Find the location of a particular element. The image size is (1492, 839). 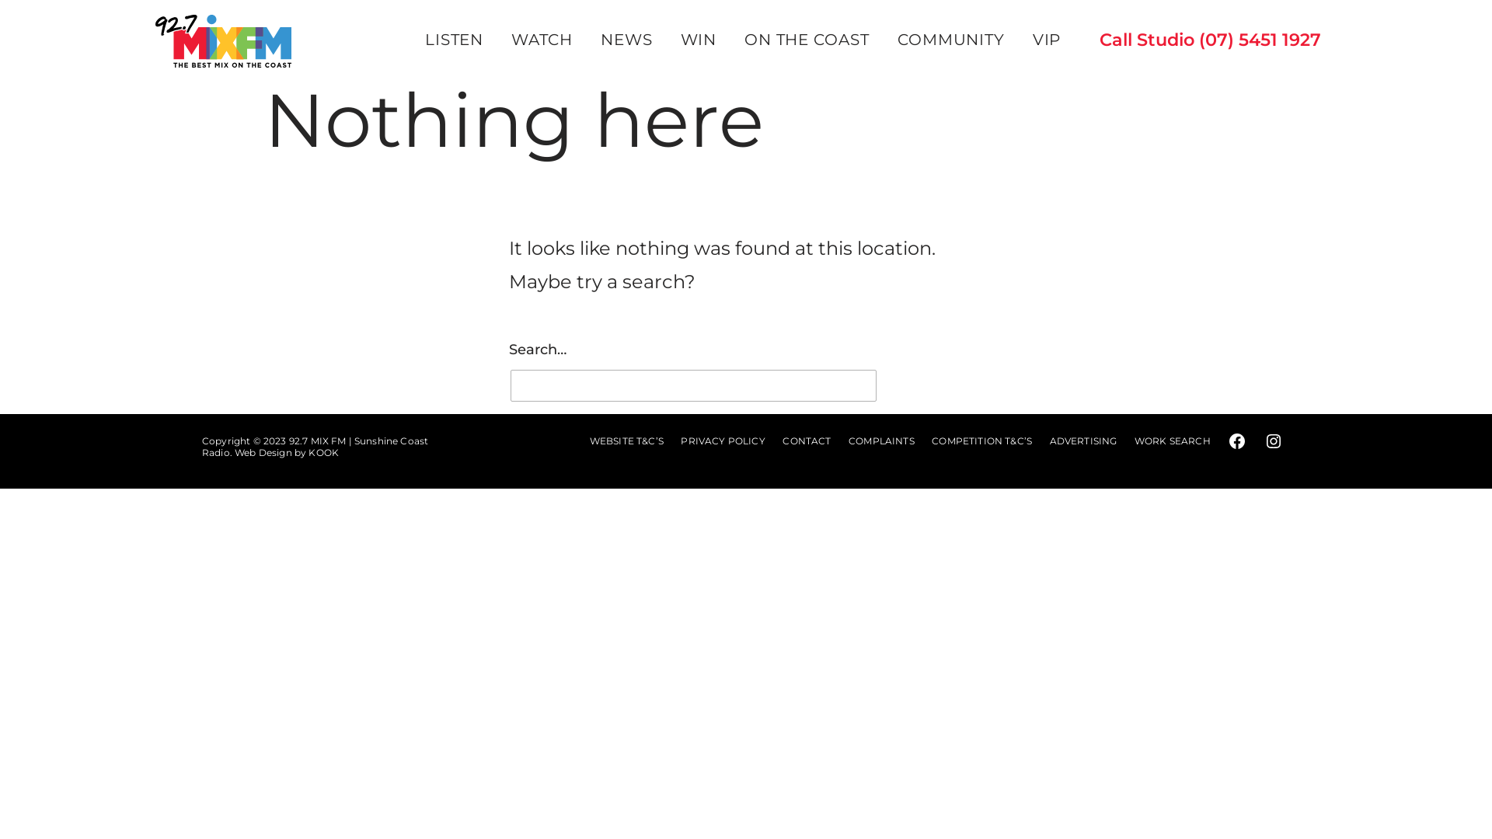

'CONTACT' is located at coordinates (806, 440).